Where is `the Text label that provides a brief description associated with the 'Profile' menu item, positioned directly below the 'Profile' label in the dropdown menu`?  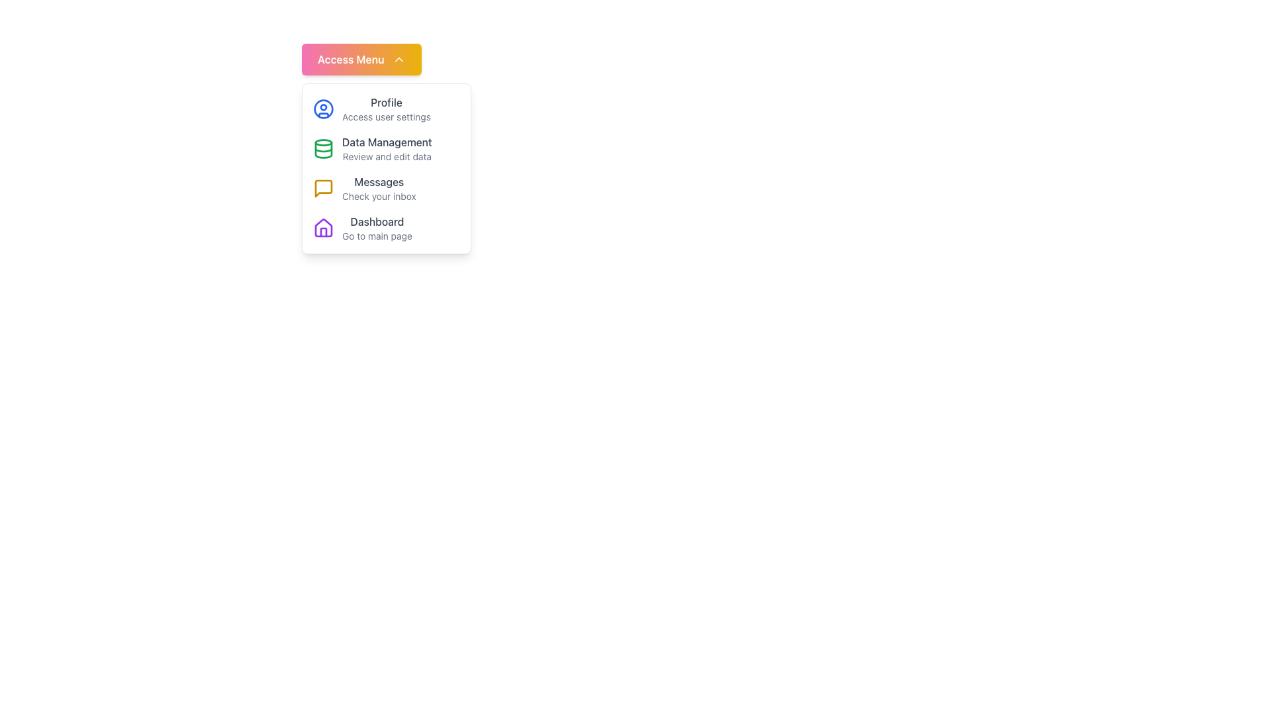 the Text label that provides a brief description associated with the 'Profile' menu item, positioned directly below the 'Profile' label in the dropdown menu is located at coordinates (385, 117).